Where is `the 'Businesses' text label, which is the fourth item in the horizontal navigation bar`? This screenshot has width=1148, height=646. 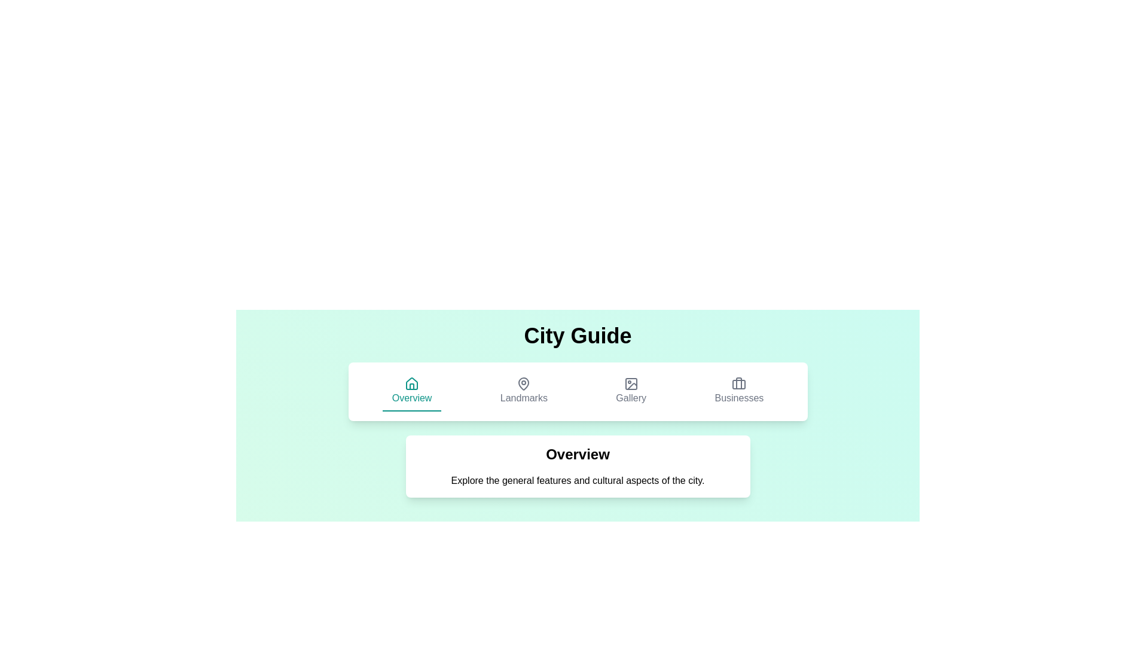 the 'Businesses' text label, which is the fourth item in the horizontal navigation bar is located at coordinates (738, 398).